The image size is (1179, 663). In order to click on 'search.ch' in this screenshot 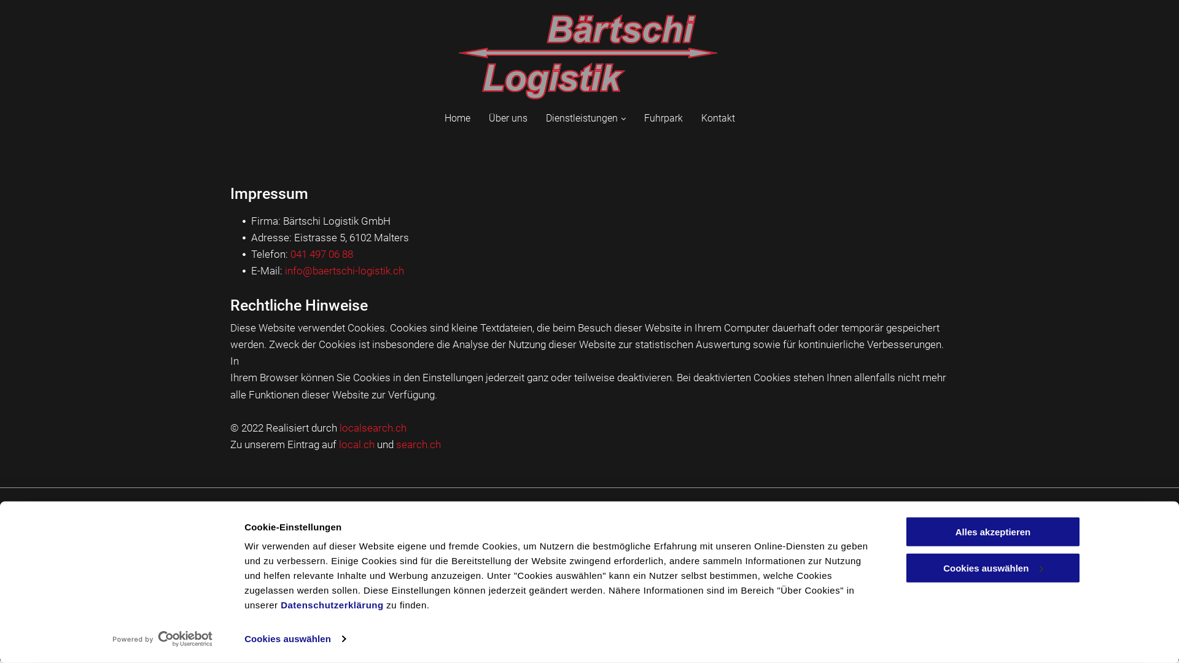, I will do `click(418, 444)`.